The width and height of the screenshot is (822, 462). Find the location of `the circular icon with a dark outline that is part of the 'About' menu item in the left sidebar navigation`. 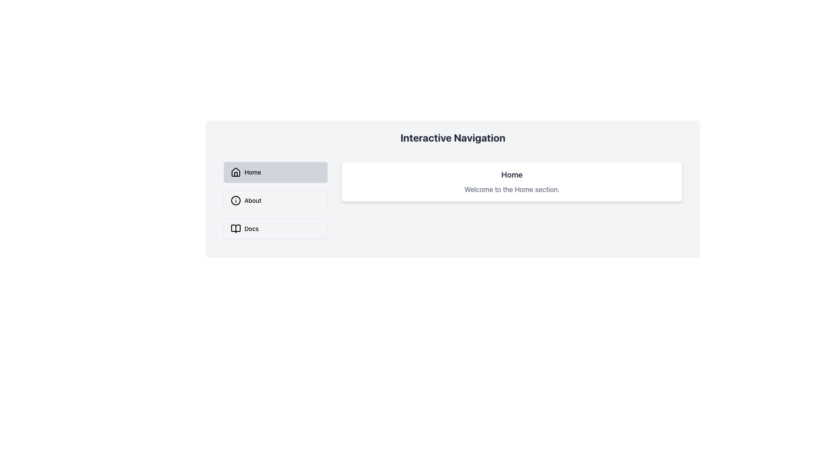

the circular icon with a dark outline that is part of the 'About' menu item in the left sidebar navigation is located at coordinates (236, 201).